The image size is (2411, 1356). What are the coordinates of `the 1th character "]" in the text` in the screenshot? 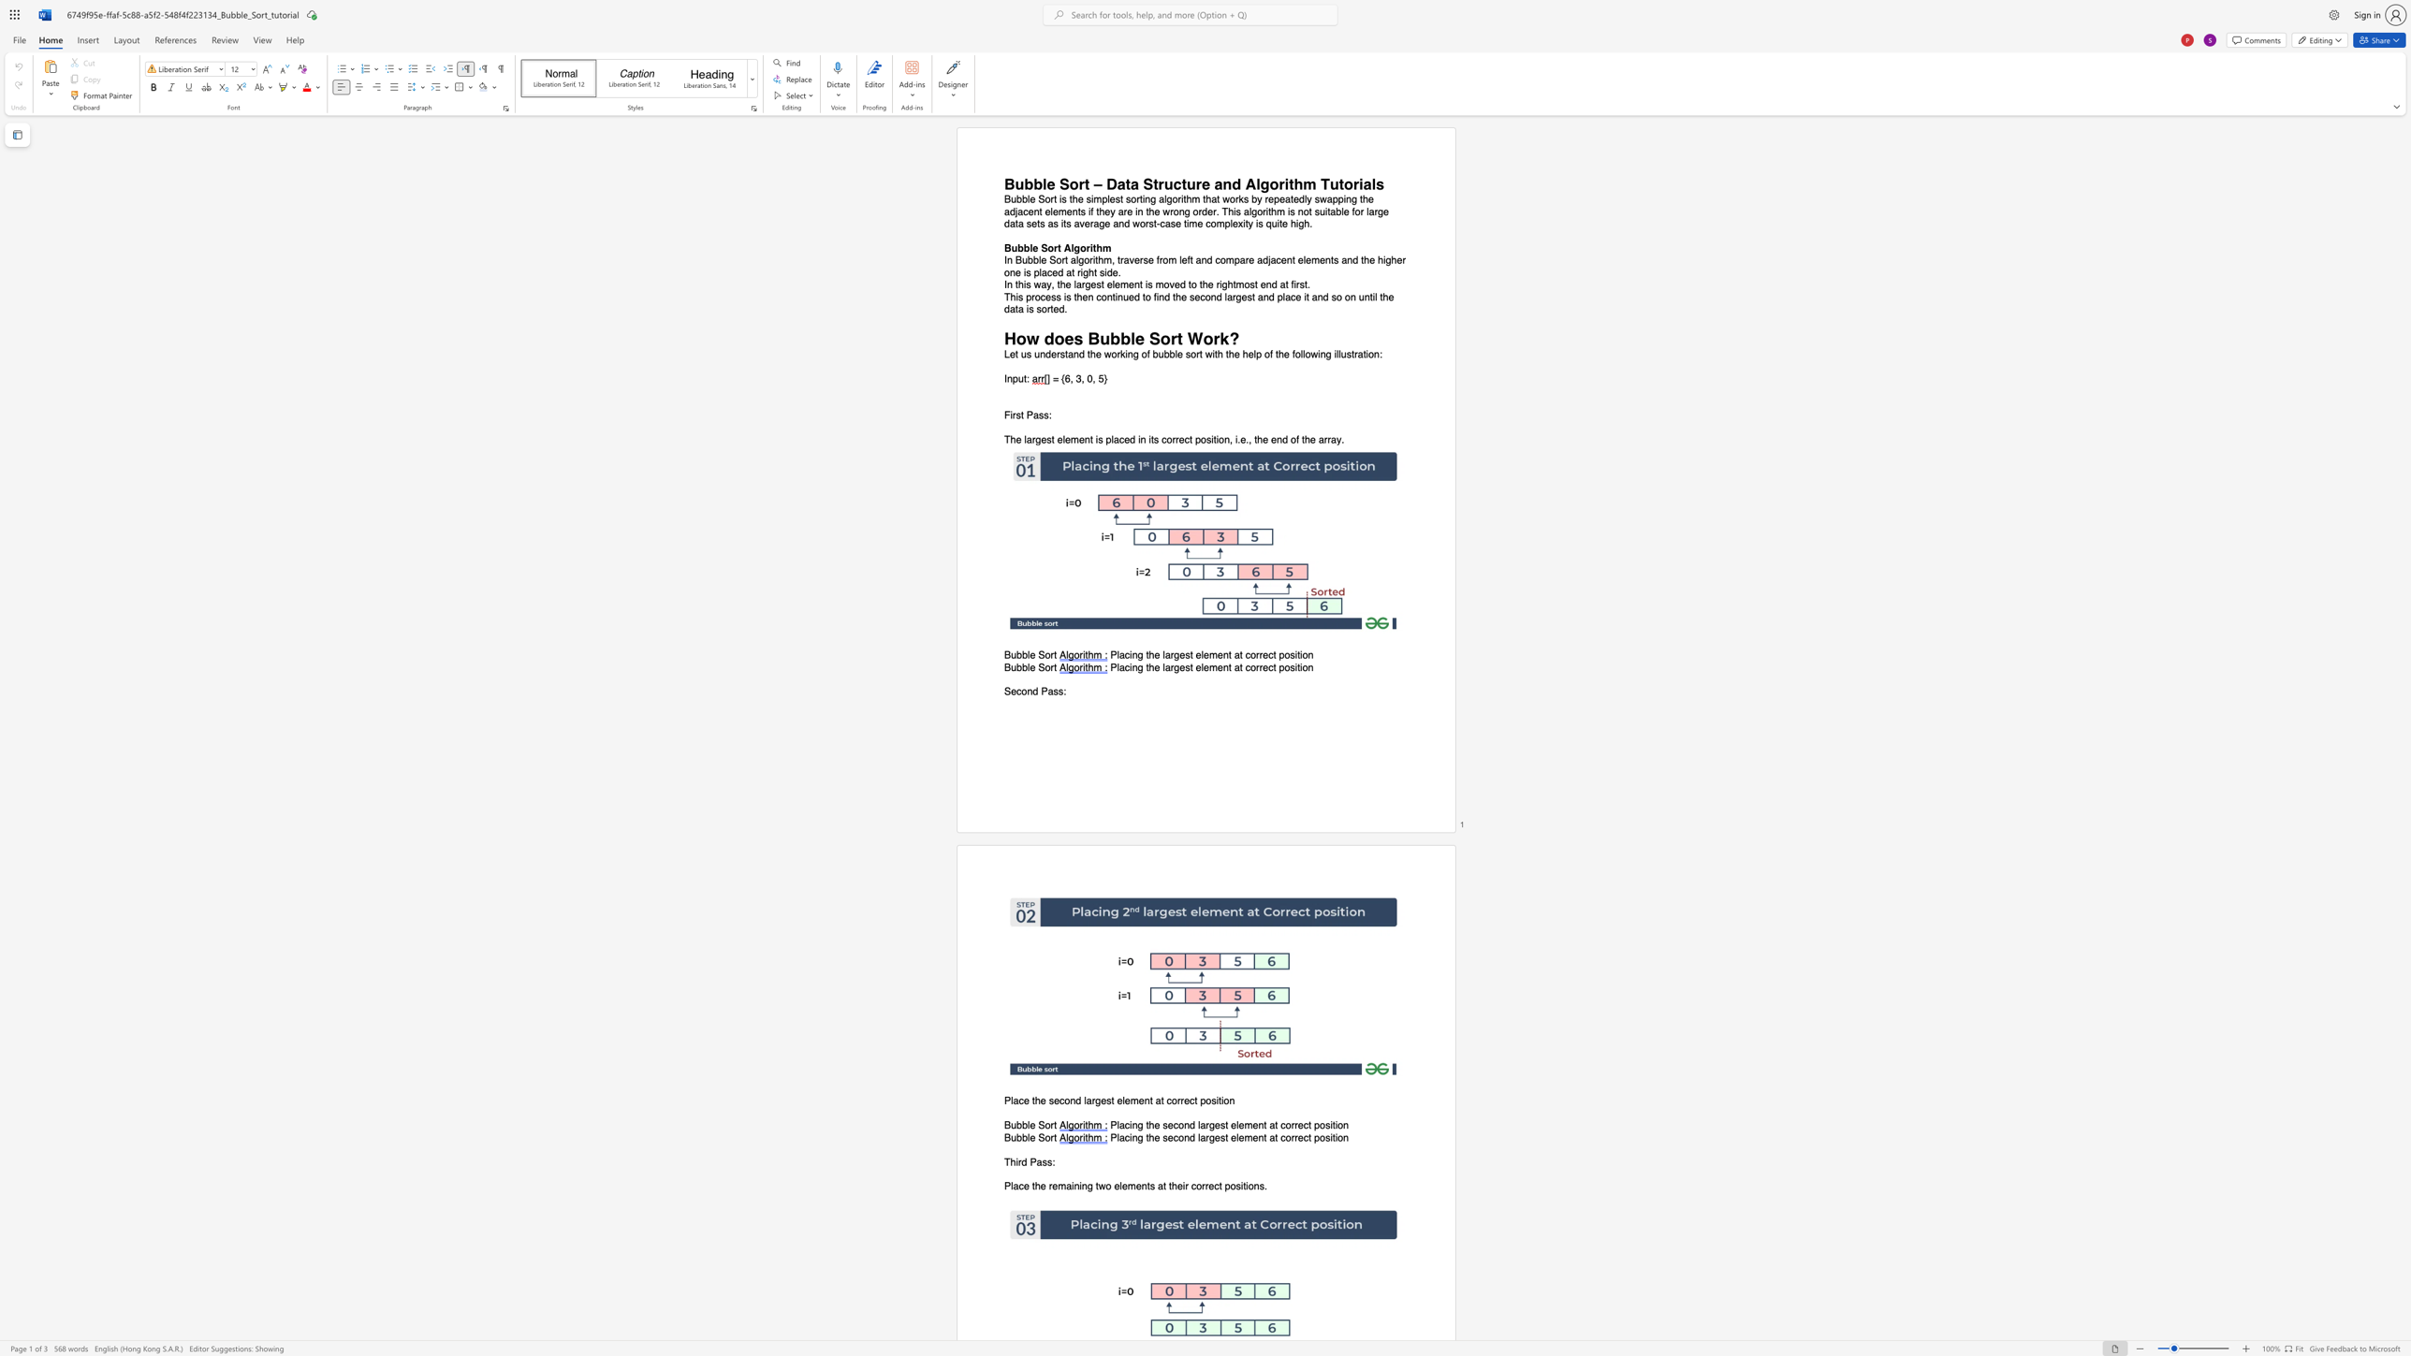 It's located at (1048, 379).